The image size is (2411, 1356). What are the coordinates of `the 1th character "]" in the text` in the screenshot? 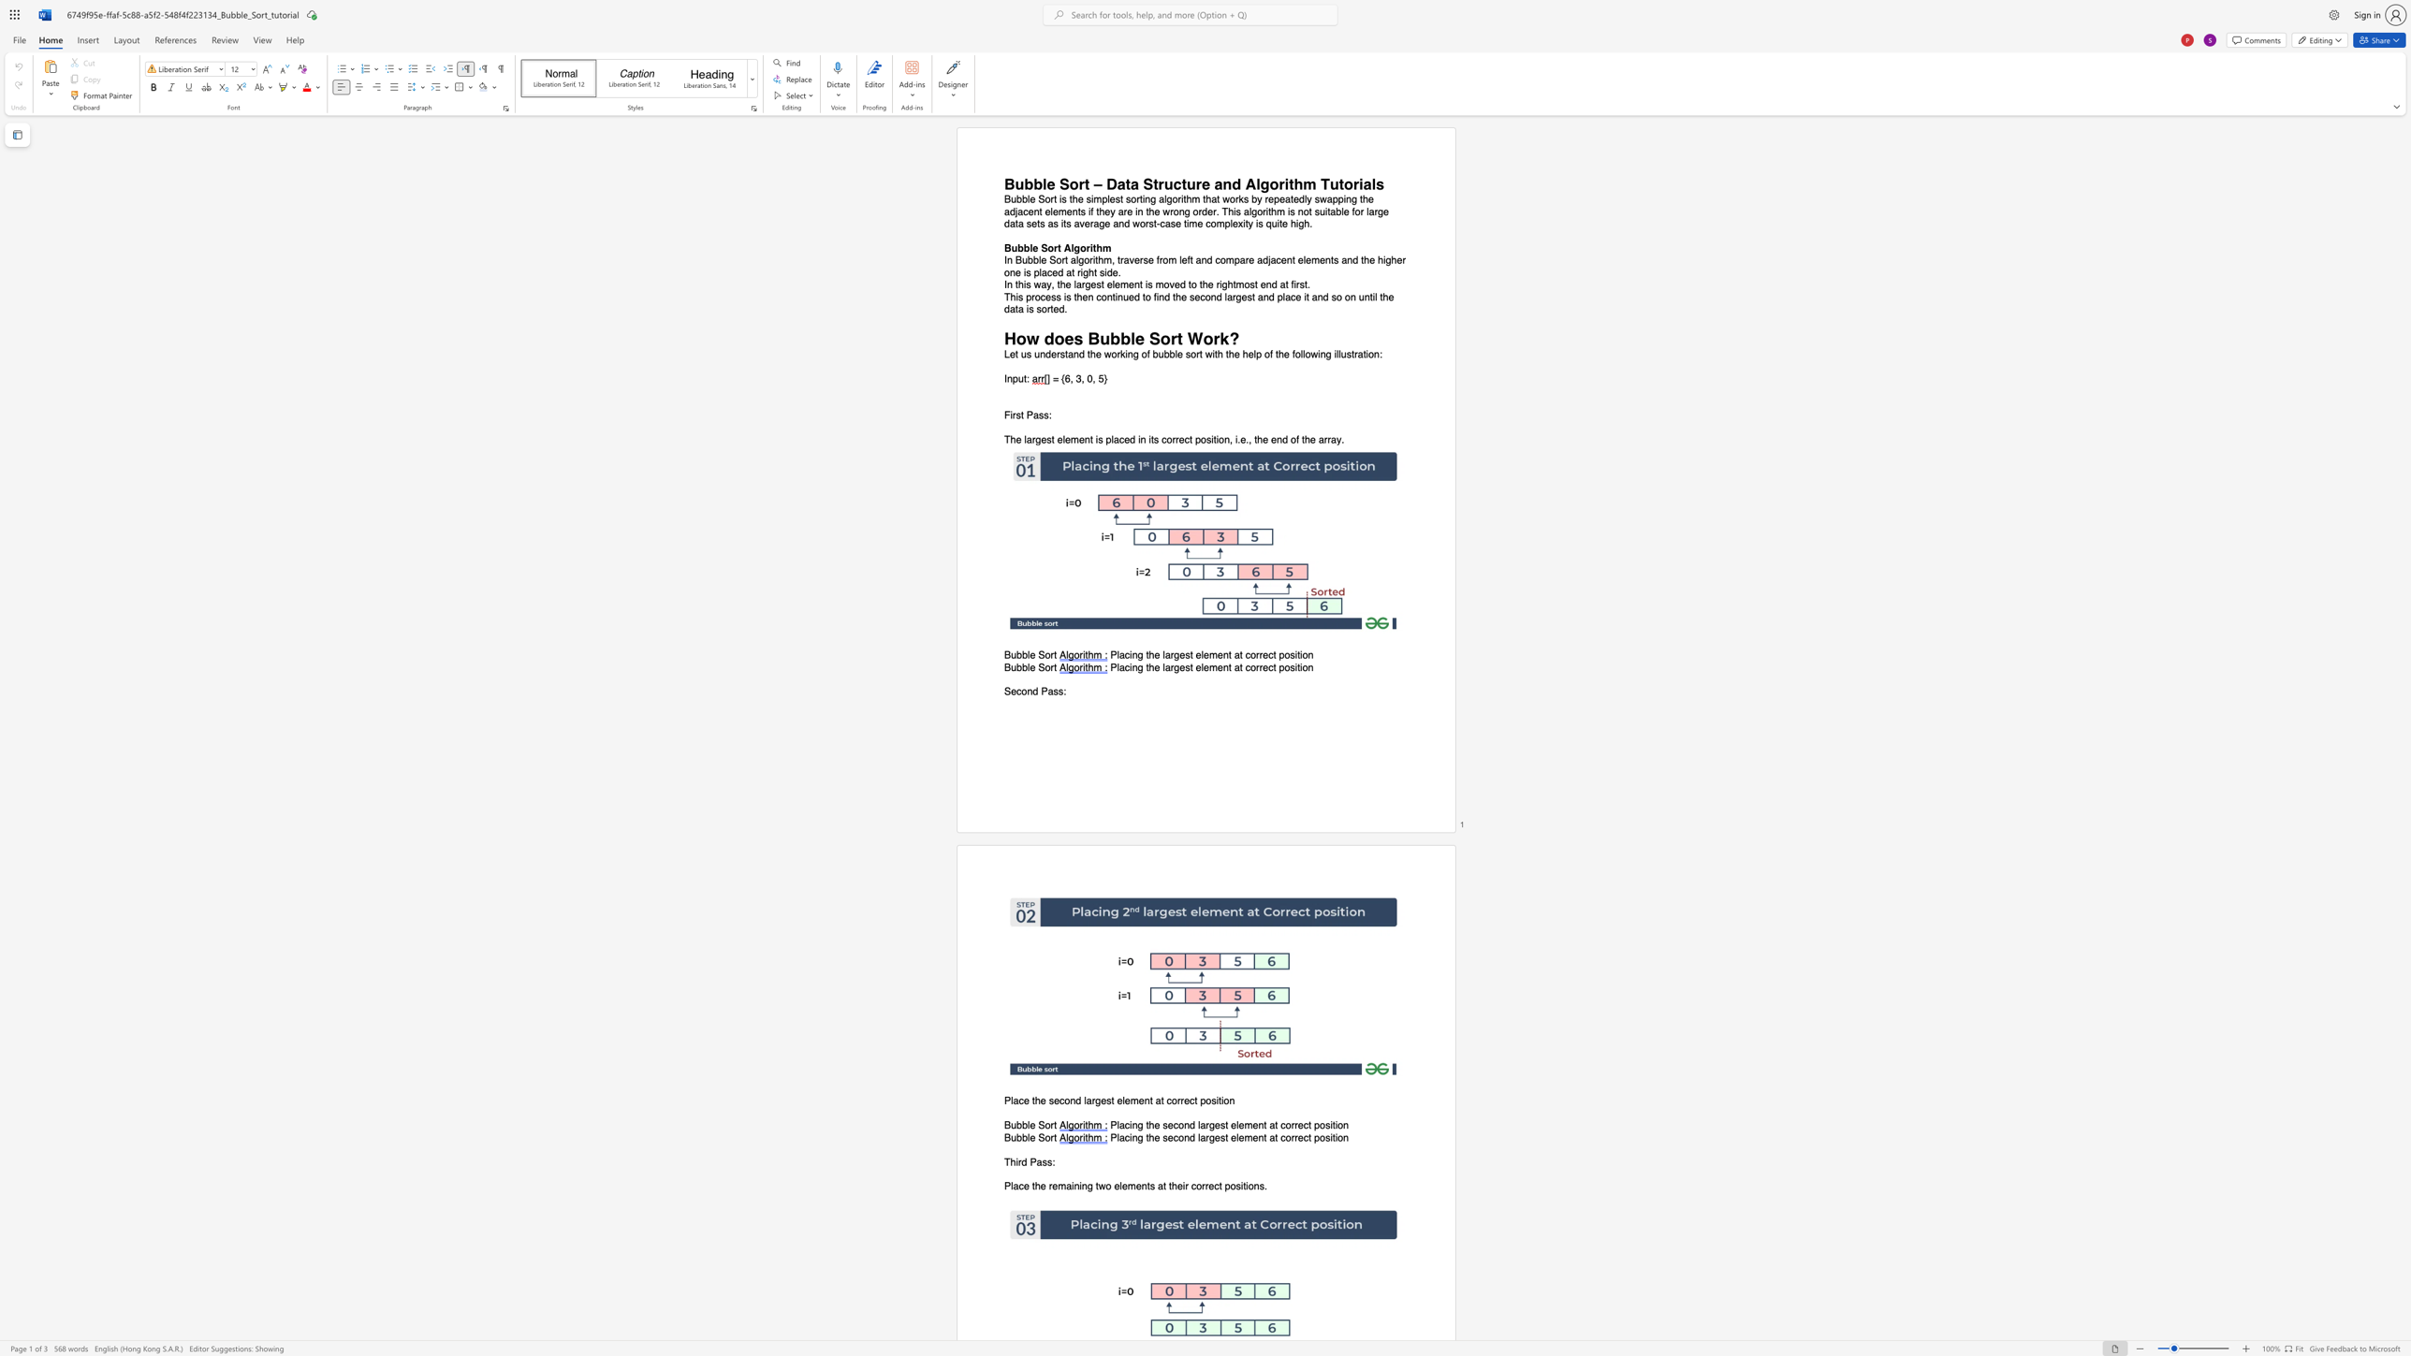 It's located at (1048, 379).